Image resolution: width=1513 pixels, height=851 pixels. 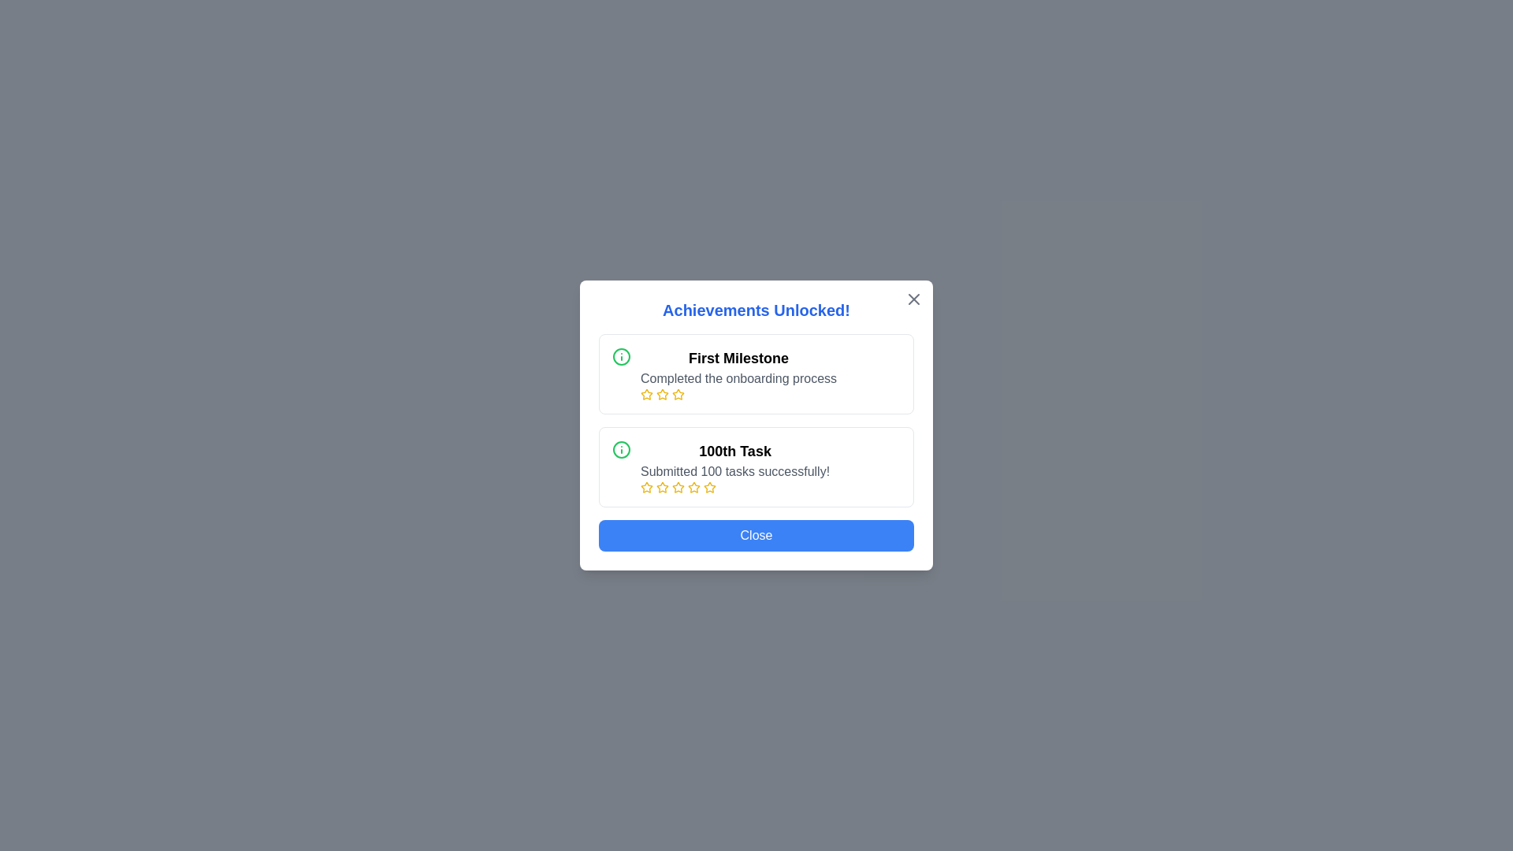 I want to click on achievement description from the informative card that shows '100th Task' and 'Submitted 100 tasks successfully!', which is the second item in the vertically stacked list of cards, so click(x=756, y=466).